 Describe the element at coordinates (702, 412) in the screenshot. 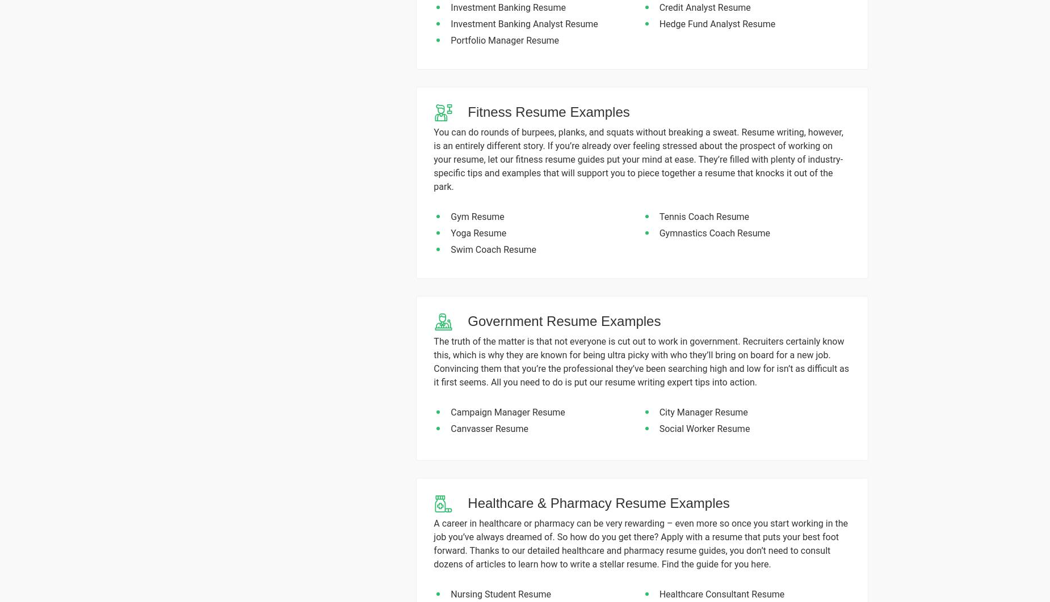

I see `'City Manager Resume'` at that location.